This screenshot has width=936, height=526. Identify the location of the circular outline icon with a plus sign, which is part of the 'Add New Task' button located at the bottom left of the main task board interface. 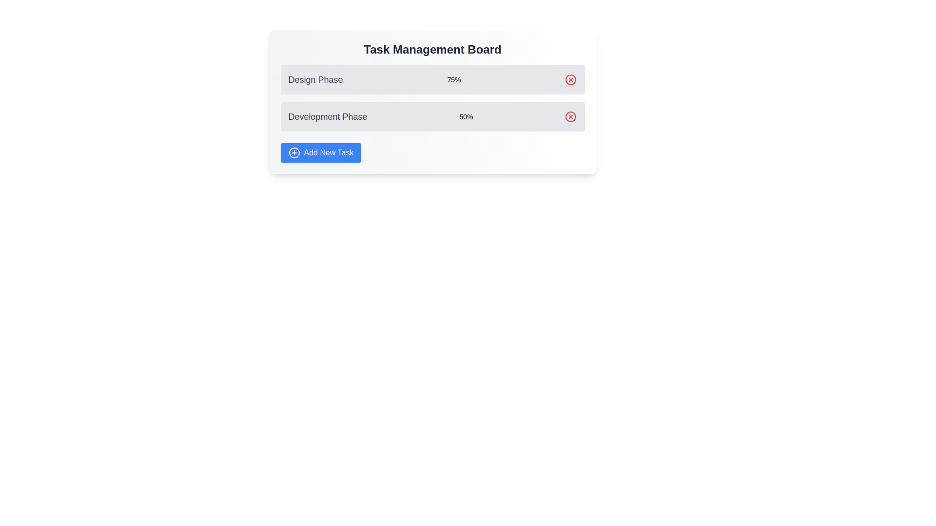
(293, 152).